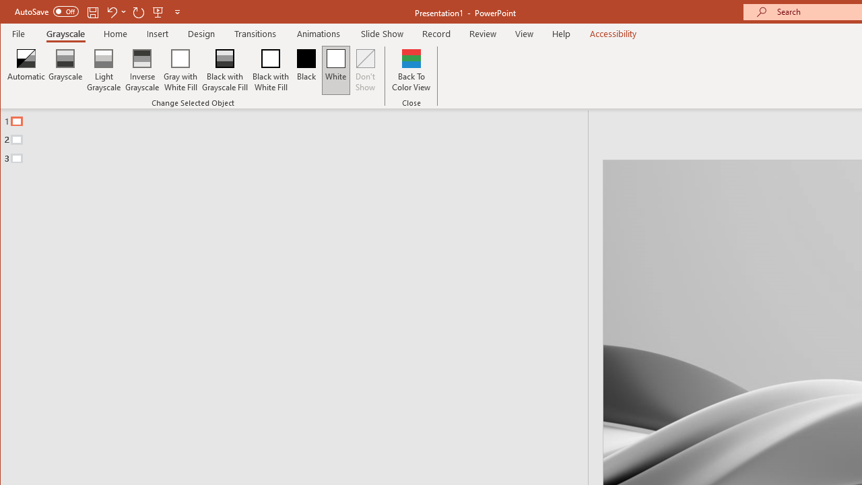 The height and width of the screenshot is (485, 862). What do you see at coordinates (524, 33) in the screenshot?
I see `'View'` at bounding box center [524, 33].